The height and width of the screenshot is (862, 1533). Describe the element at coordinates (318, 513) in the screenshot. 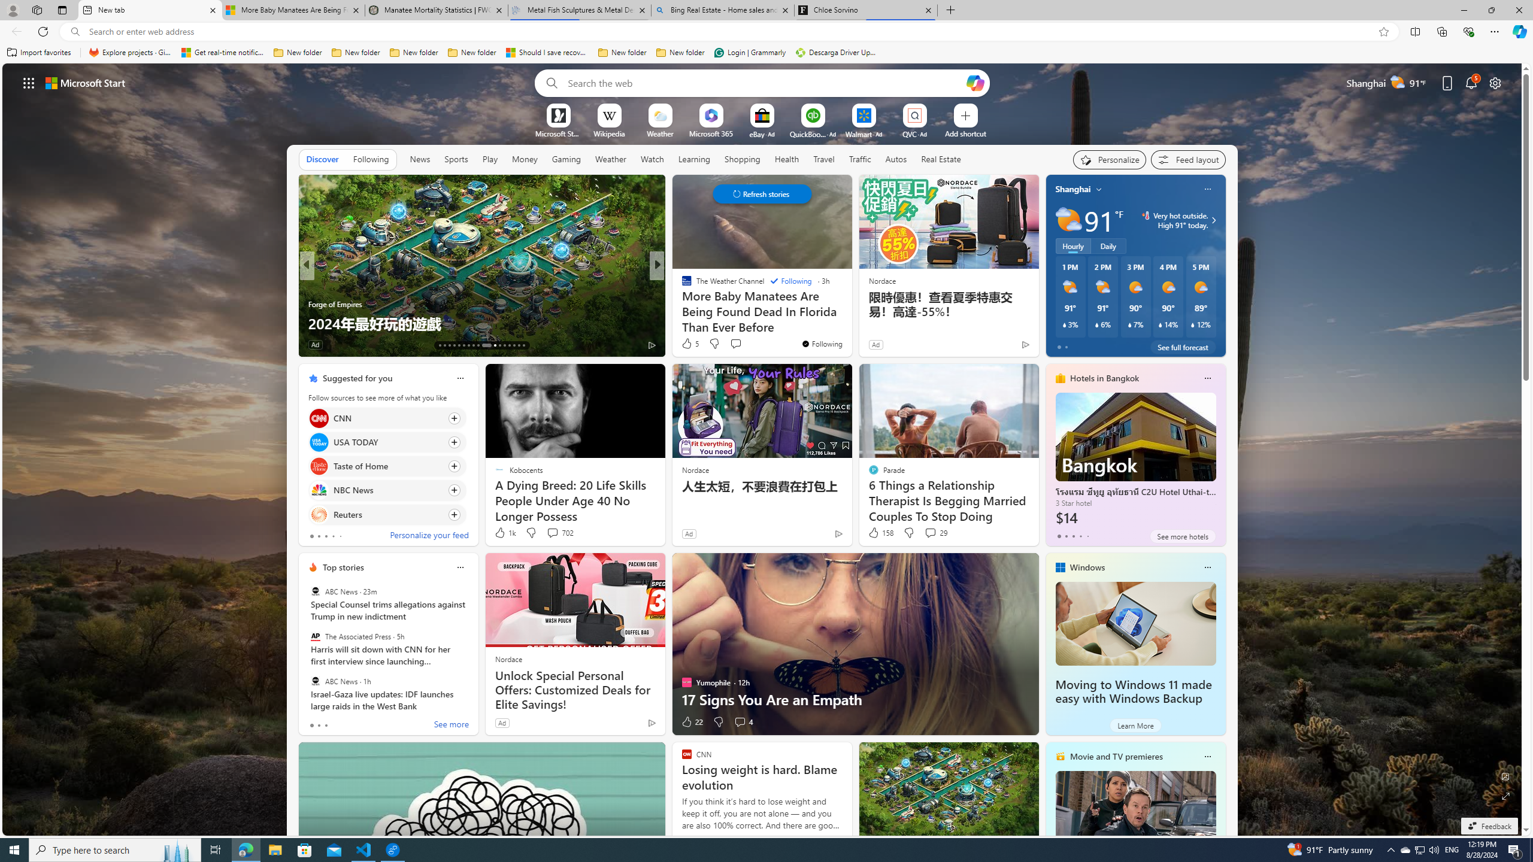

I see `'Reuters'` at that location.